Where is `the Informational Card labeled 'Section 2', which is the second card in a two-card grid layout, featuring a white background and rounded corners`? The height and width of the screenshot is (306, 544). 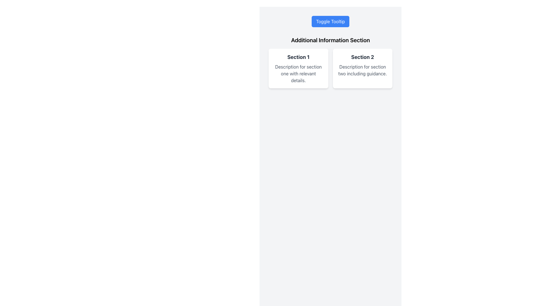
the Informational Card labeled 'Section 2', which is the second card in a two-card grid layout, featuring a white background and rounded corners is located at coordinates (362, 68).